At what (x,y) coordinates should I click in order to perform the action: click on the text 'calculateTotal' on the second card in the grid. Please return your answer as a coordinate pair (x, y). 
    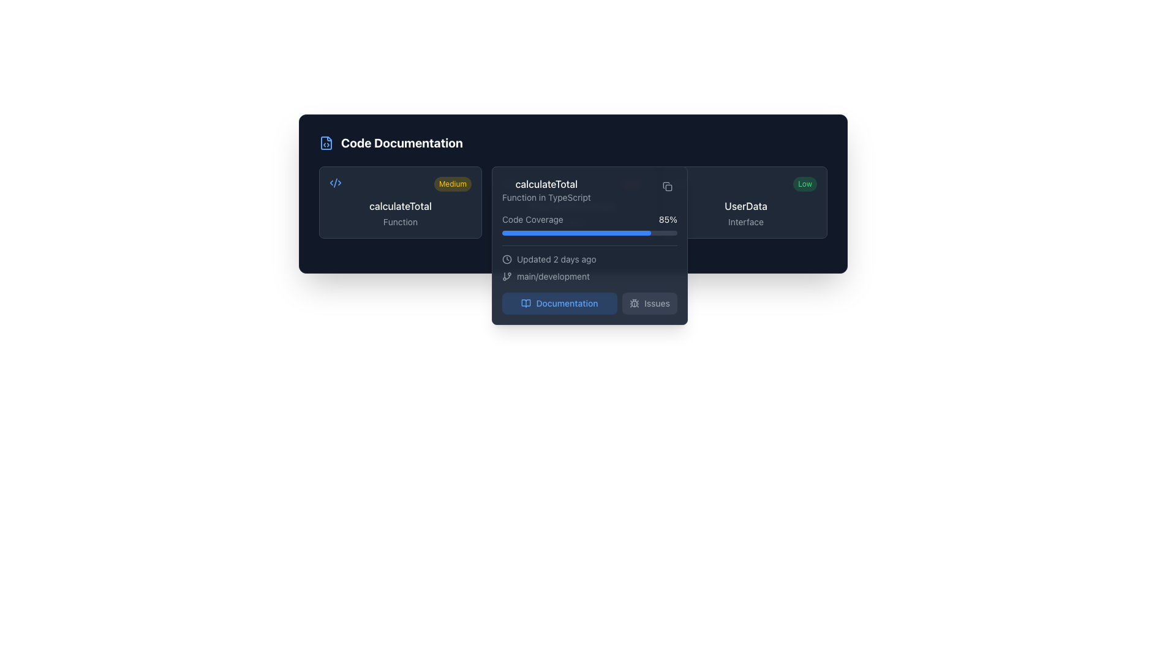
    Looking at the image, I should click on (573, 202).